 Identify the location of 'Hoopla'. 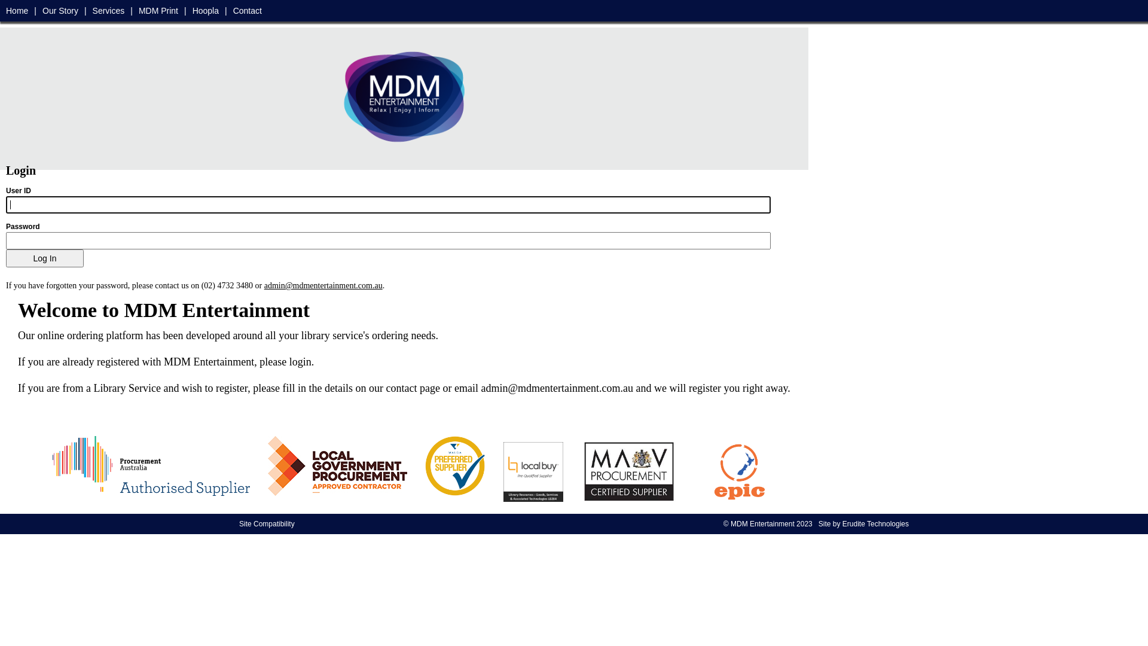
(206, 11).